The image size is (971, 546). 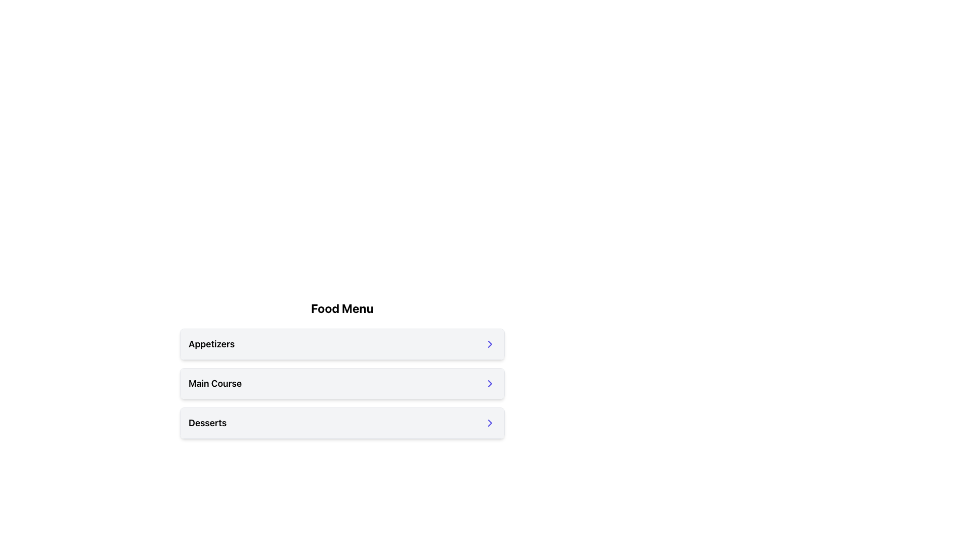 I want to click on the 'Main Course' section in the food menu list, so click(x=342, y=384).